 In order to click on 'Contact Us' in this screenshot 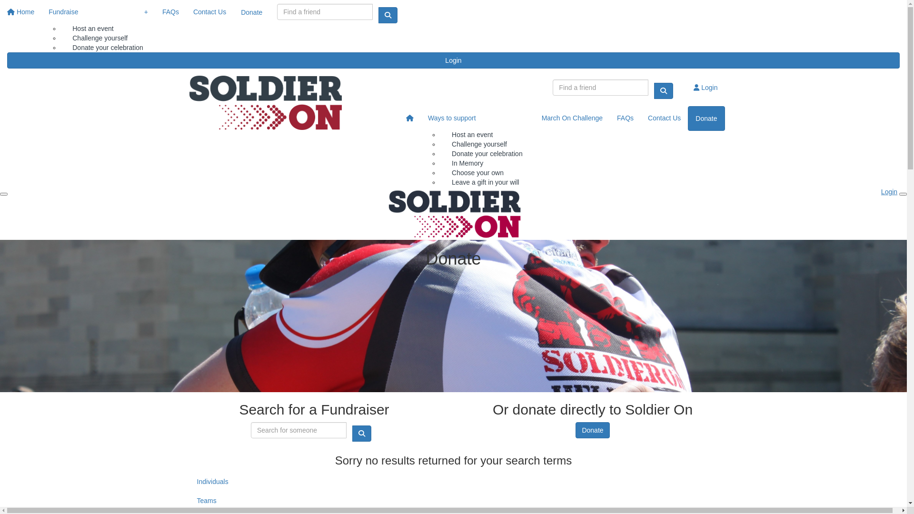, I will do `click(209, 11)`.